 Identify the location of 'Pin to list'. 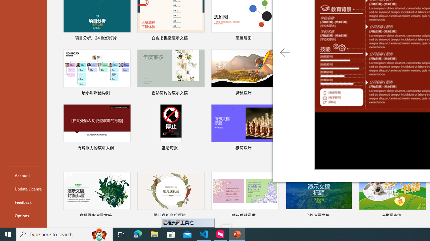
(421, 216).